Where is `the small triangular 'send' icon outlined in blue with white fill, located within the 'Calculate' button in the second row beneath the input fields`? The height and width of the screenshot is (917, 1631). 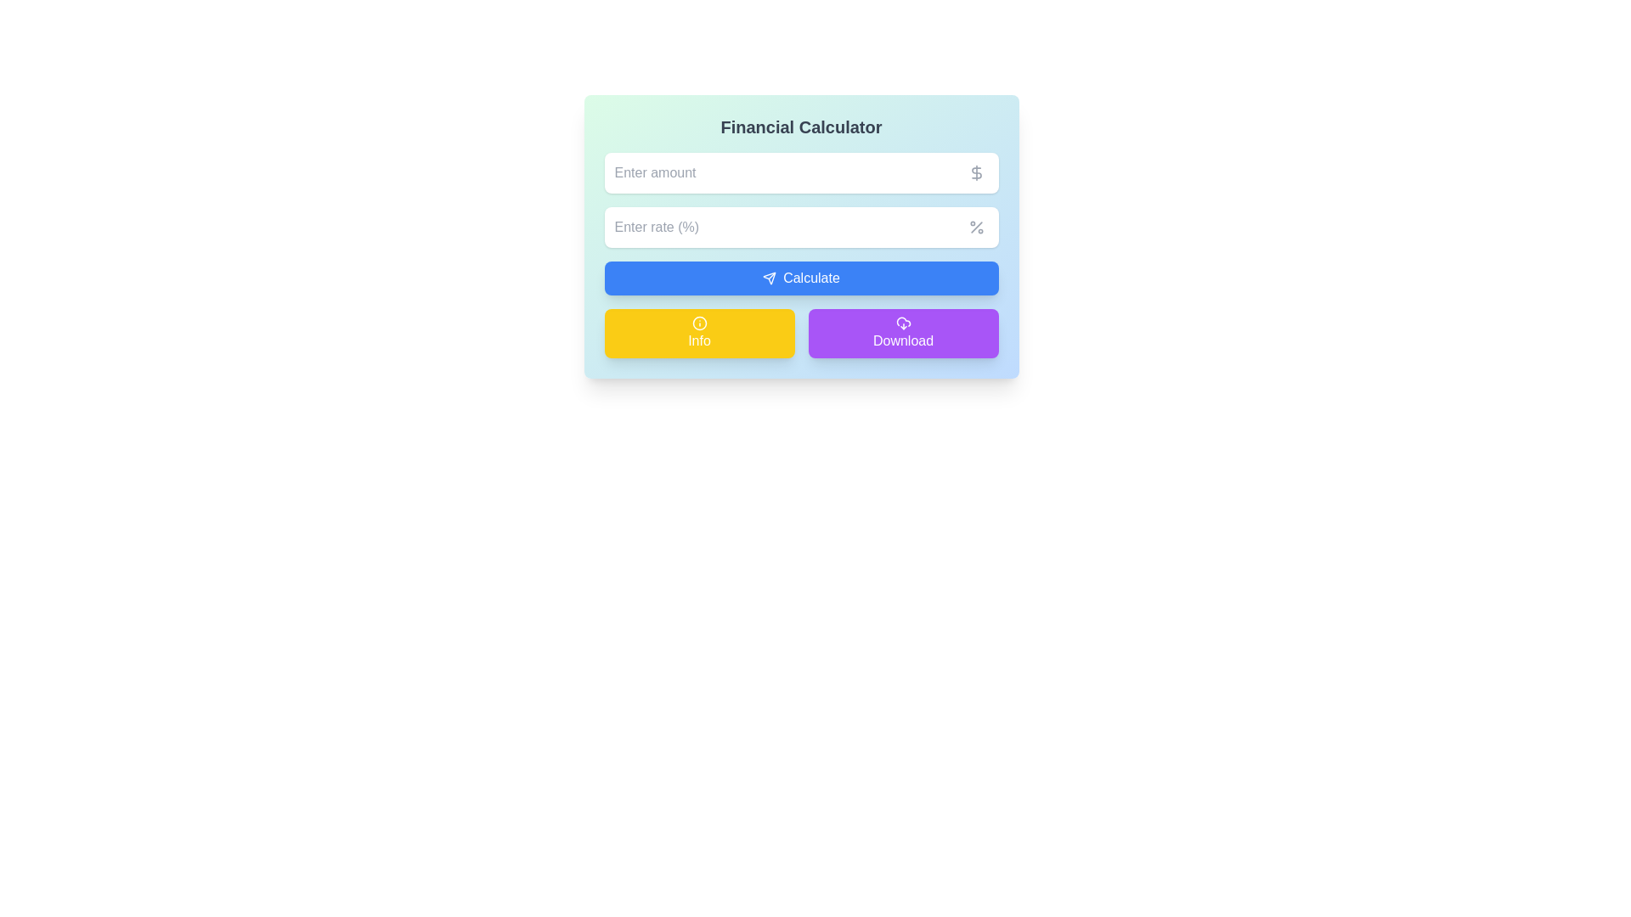
the small triangular 'send' icon outlined in blue with white fill, located within the 'Calculate' button in the second row beneath the input fields is located at coordinates (769, 277).